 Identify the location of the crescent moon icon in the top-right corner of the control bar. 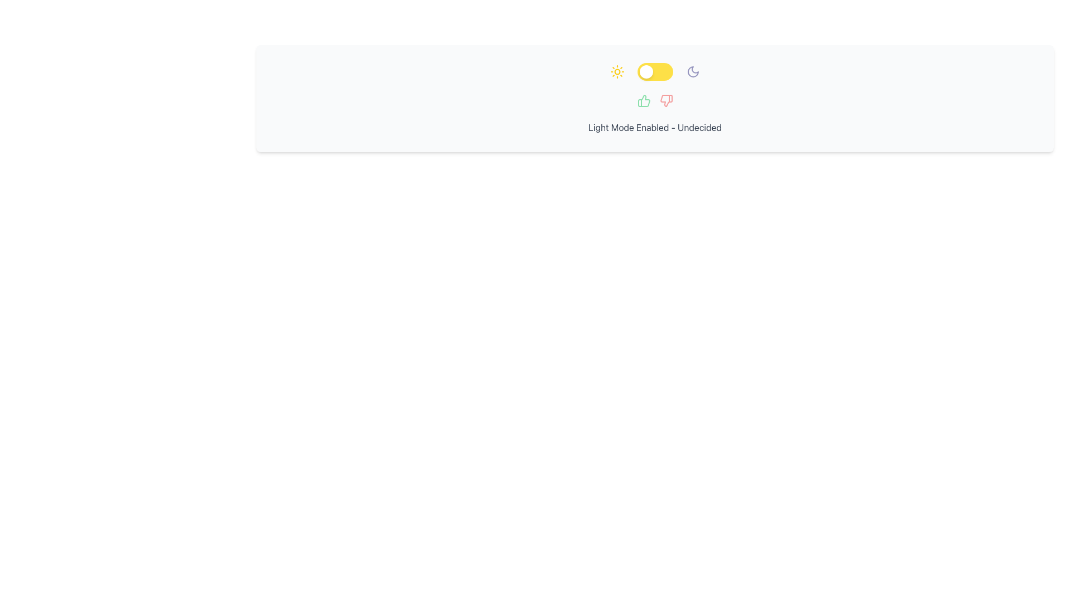
(692, 71).